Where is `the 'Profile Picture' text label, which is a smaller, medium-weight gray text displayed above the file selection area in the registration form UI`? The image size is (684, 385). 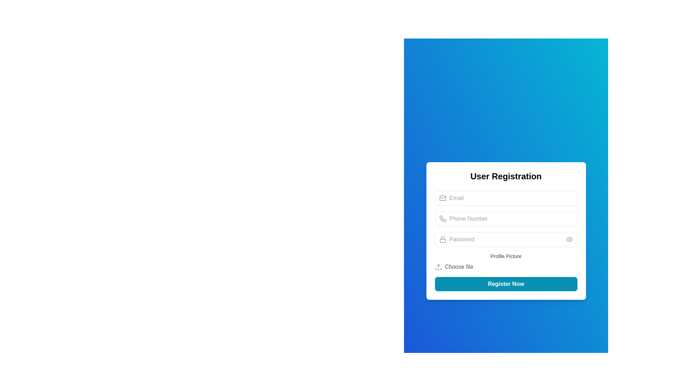
the 'Profile Picture' text label, which is a smaller, medium-weight gray text displayed above the file selection area in the registration form UI is located at coordinates (506, 256).